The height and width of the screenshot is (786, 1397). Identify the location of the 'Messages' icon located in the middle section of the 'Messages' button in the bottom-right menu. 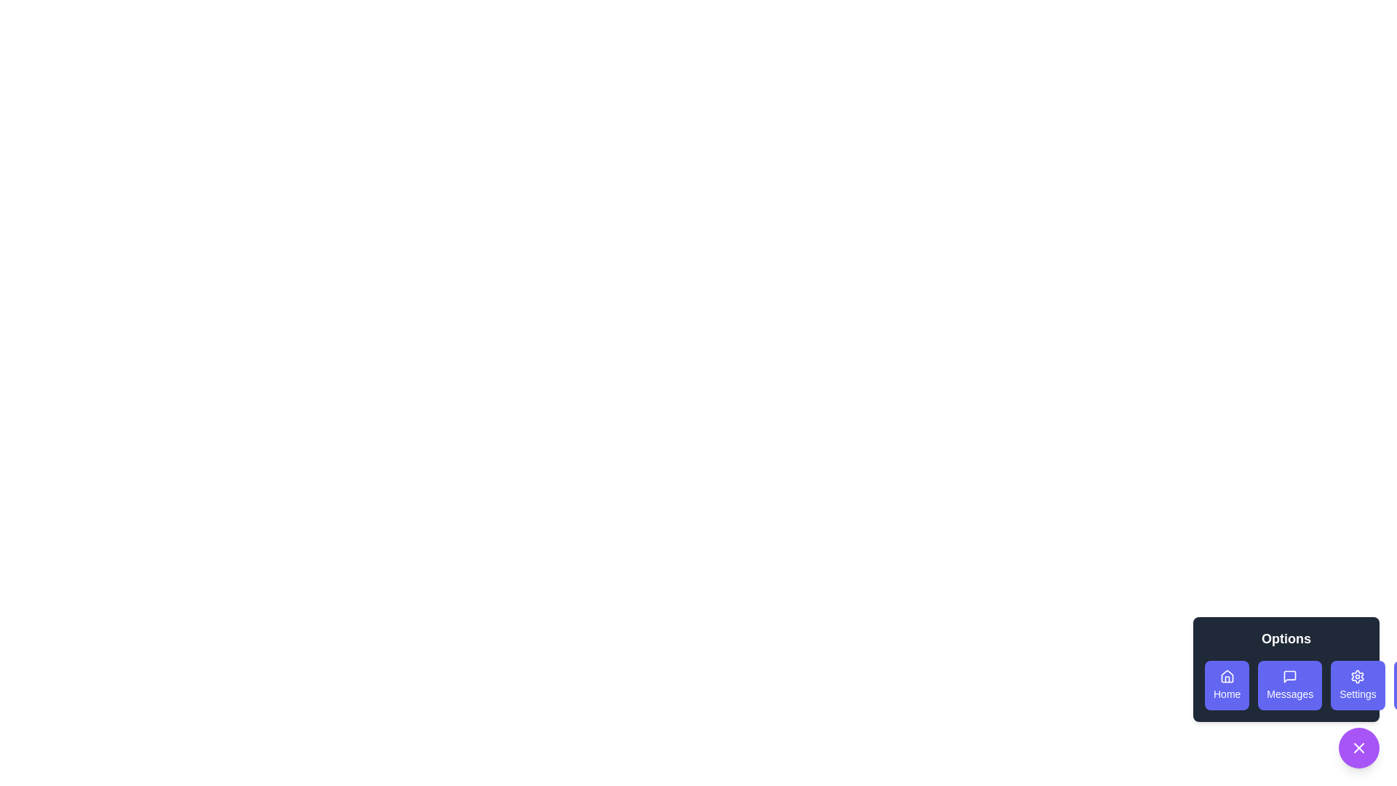
(1290, 676).